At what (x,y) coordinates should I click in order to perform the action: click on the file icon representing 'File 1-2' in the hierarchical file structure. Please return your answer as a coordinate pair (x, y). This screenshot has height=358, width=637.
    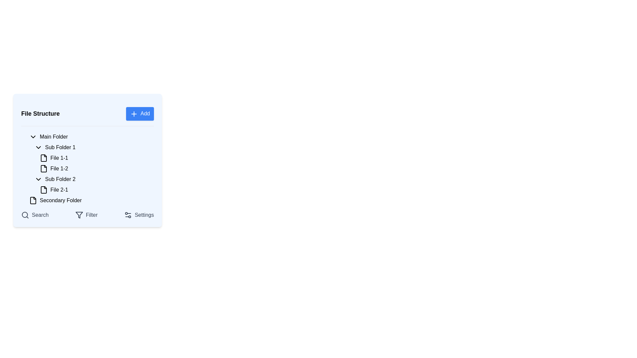
    Looking at the image, I should click on (43, 168).